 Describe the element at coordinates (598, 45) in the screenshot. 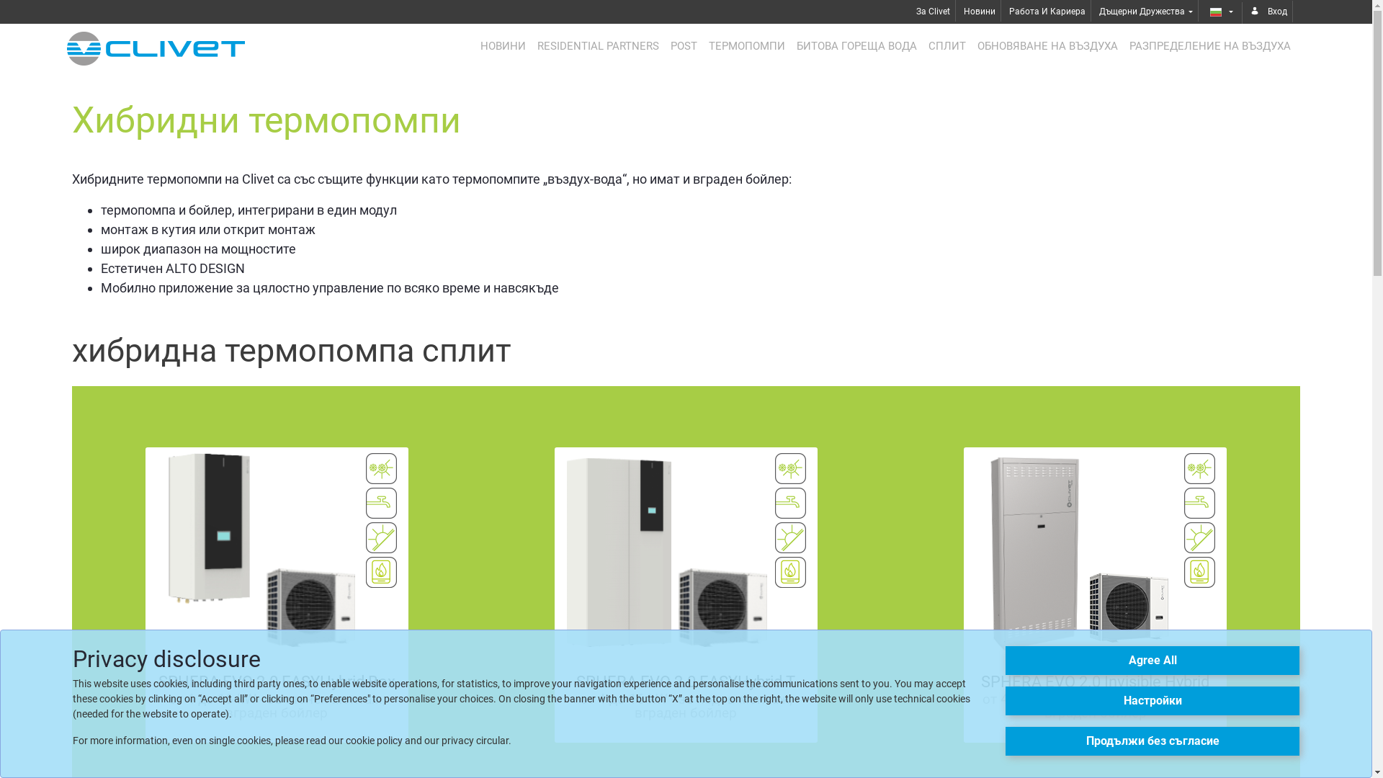

I see `'RESIDENTIAL PARTNERS'` at that location.